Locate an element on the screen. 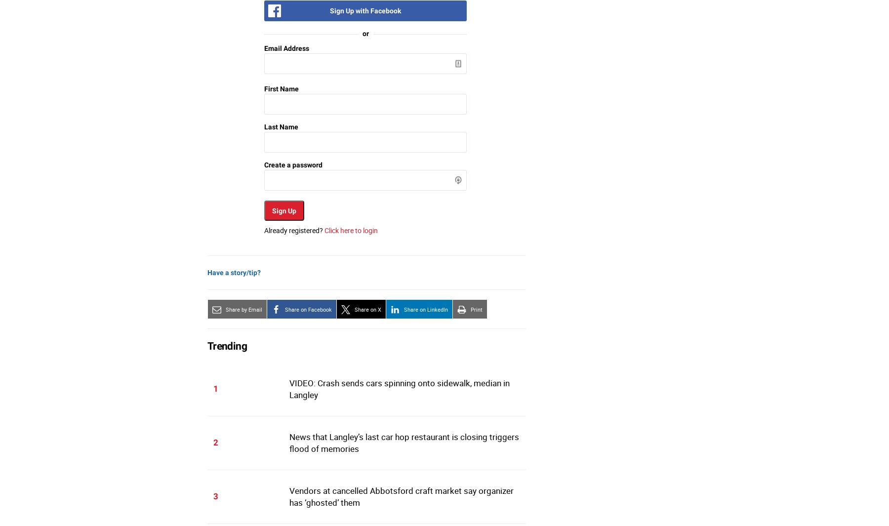 This screenshot has width=889, height=526. 'or' is located at coordinates (364, 33).